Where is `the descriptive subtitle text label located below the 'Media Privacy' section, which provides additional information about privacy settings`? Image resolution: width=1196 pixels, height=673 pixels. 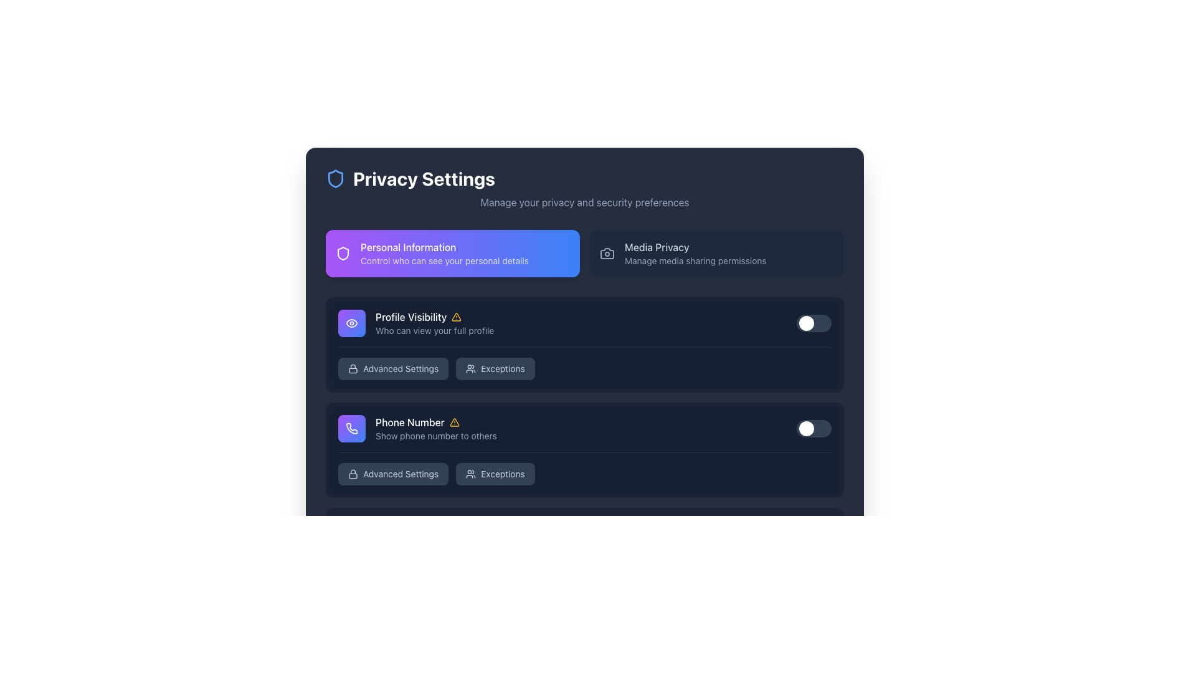 the descriptive subtitle text label located below the 'Media Privacy' section, which provides additional information about privacy settings is located at coordinates (695, 260).